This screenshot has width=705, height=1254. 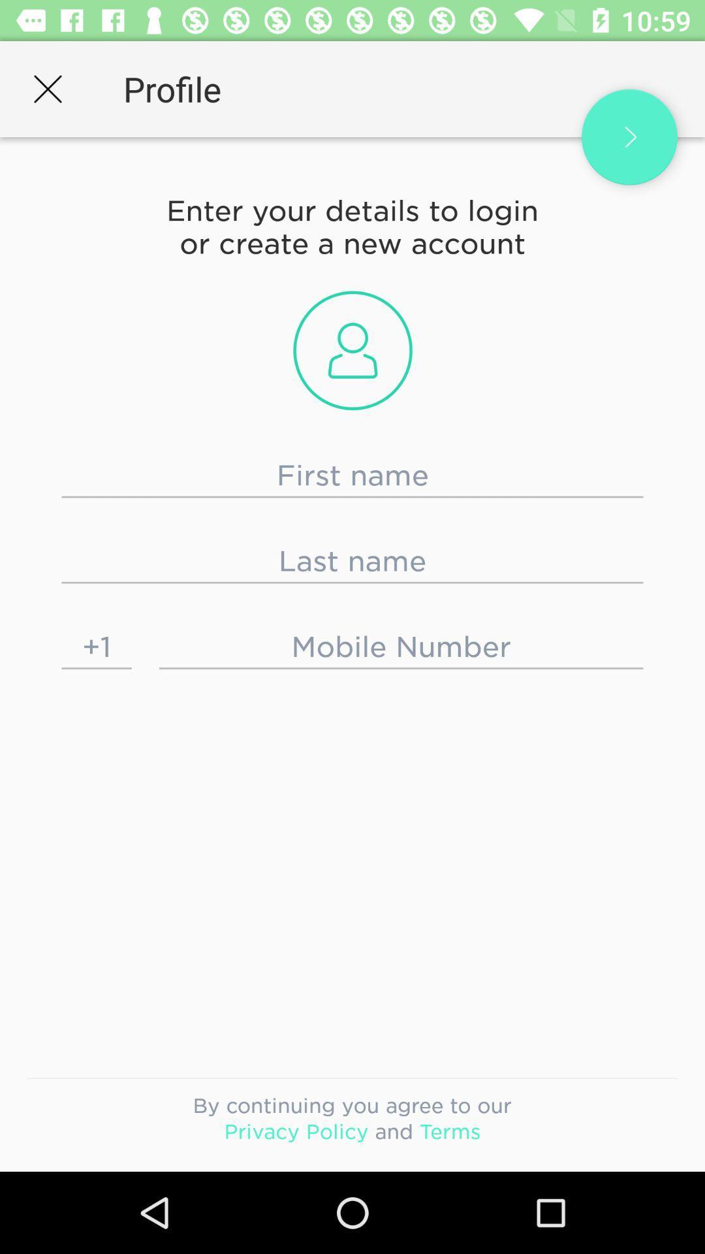 I want to click on search button, so click(x=629, y=137).